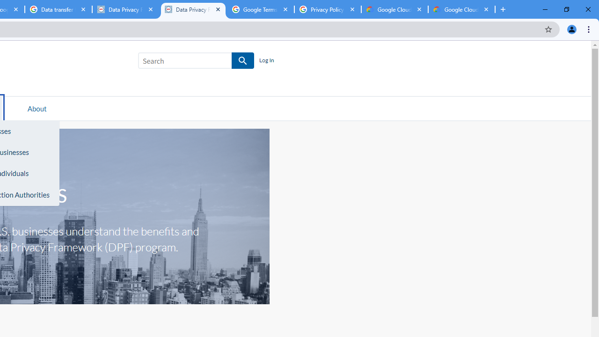  Describe the element at coordinates (266, 60) in the screenshot. I see `'Log In'` at that location.